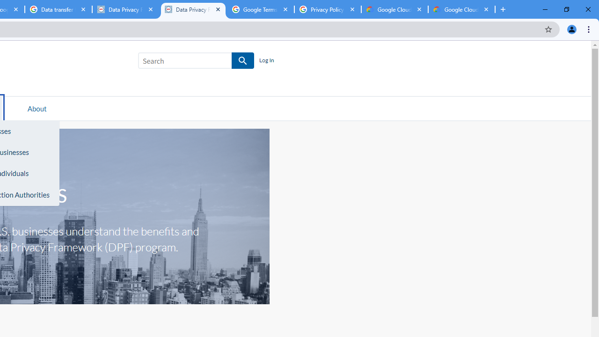  Describe the element at coordinates (266, 60) in the screenshot. I see `'Log In'` at that location.